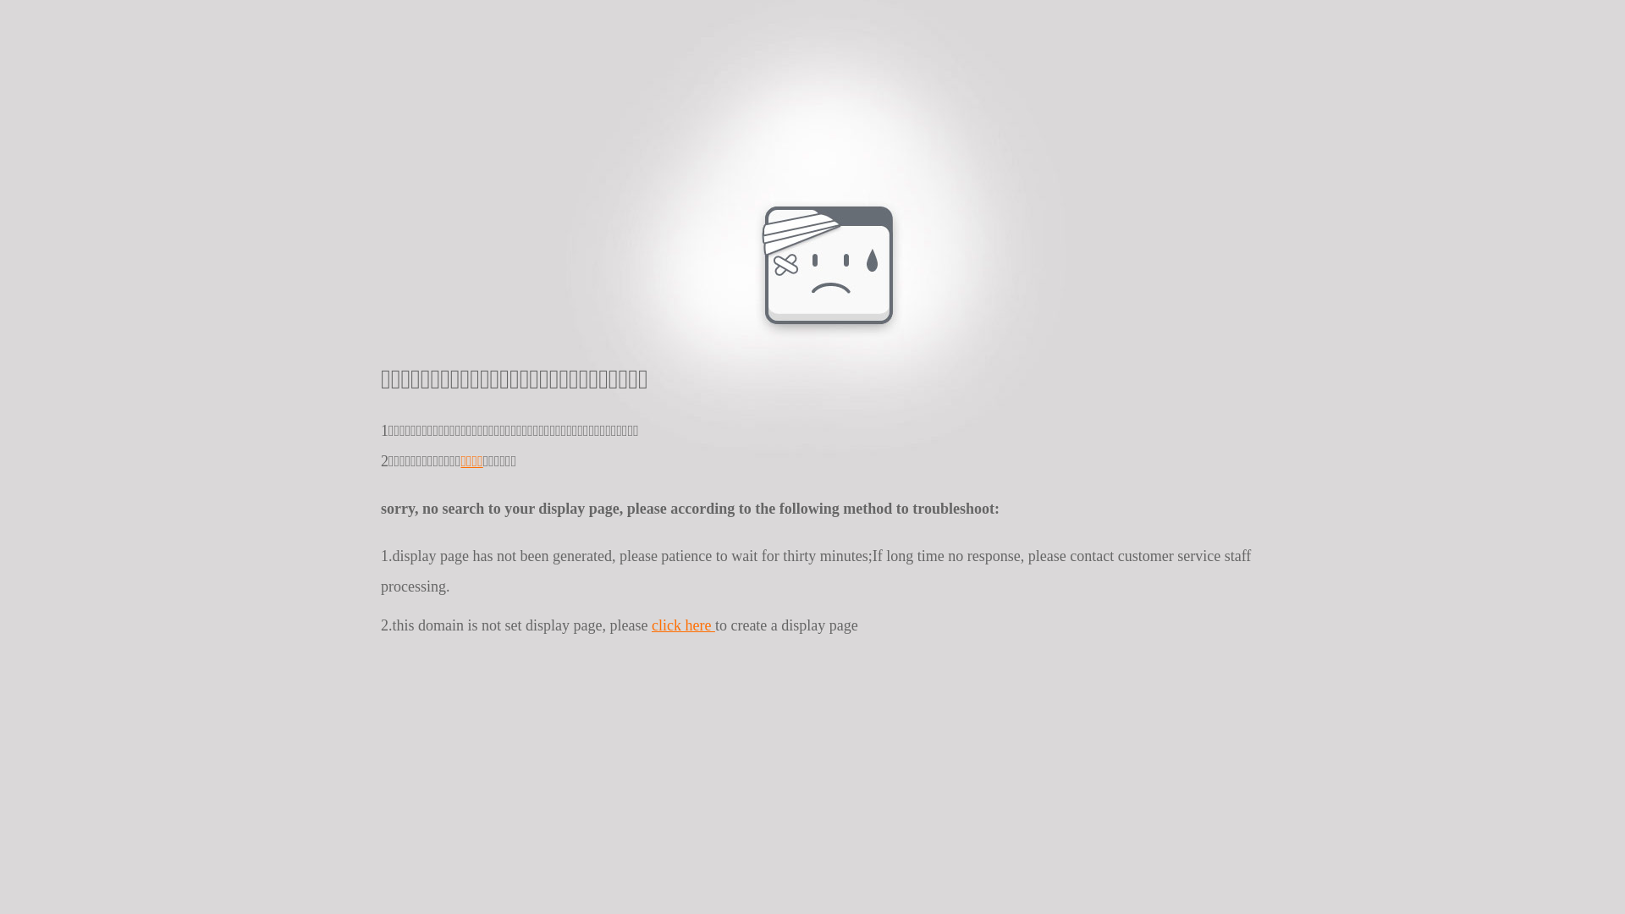 This screenshot has height=914, width=1625. What do you see at coordinates (683, 625) in the screenshot?
I see `'click here'` at bounding box center [683, 625].